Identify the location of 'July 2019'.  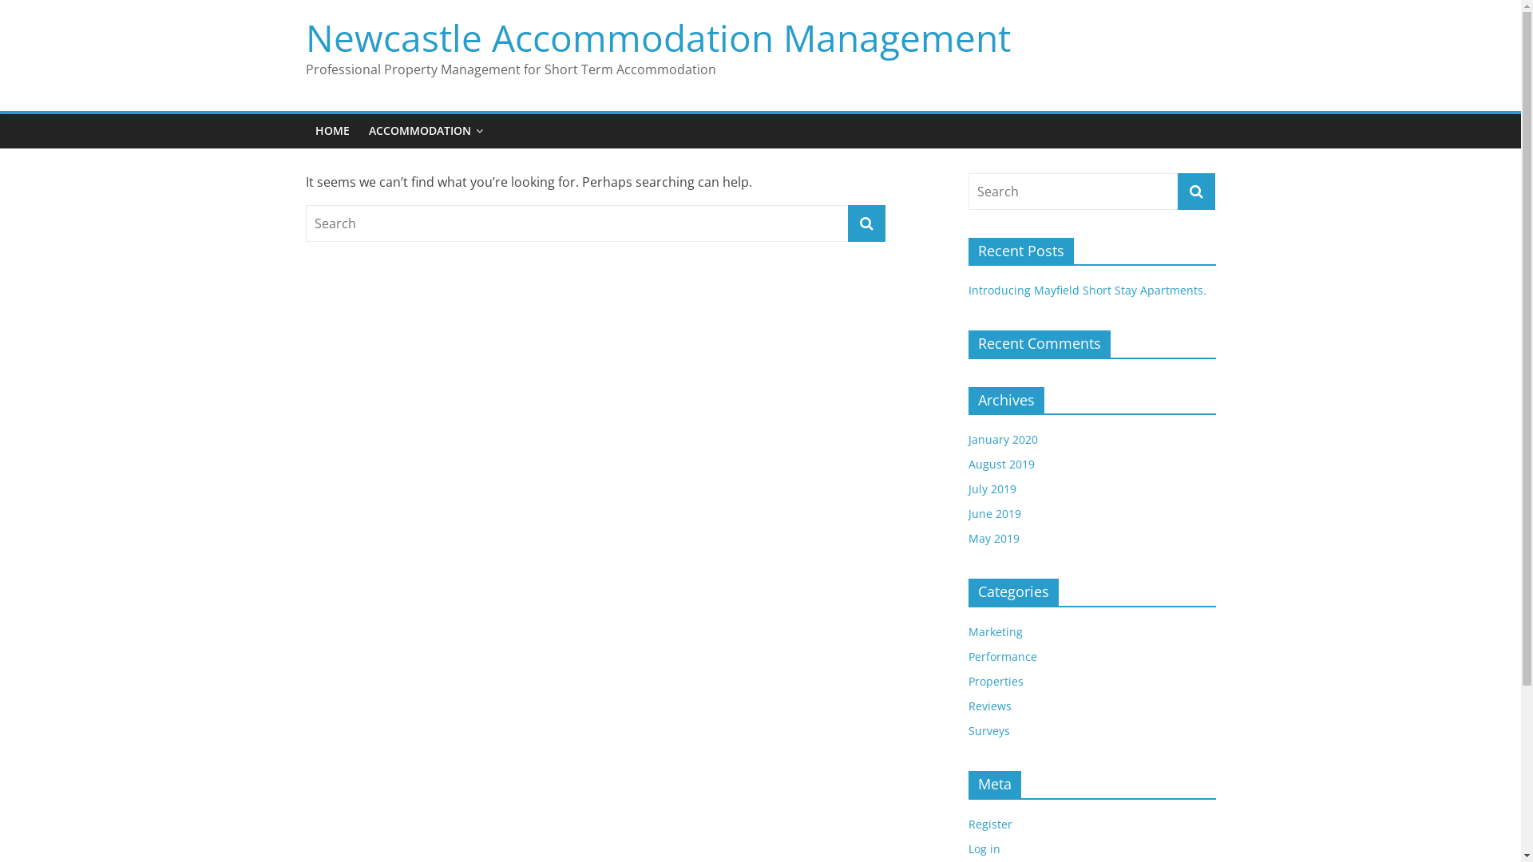
(991, 488).